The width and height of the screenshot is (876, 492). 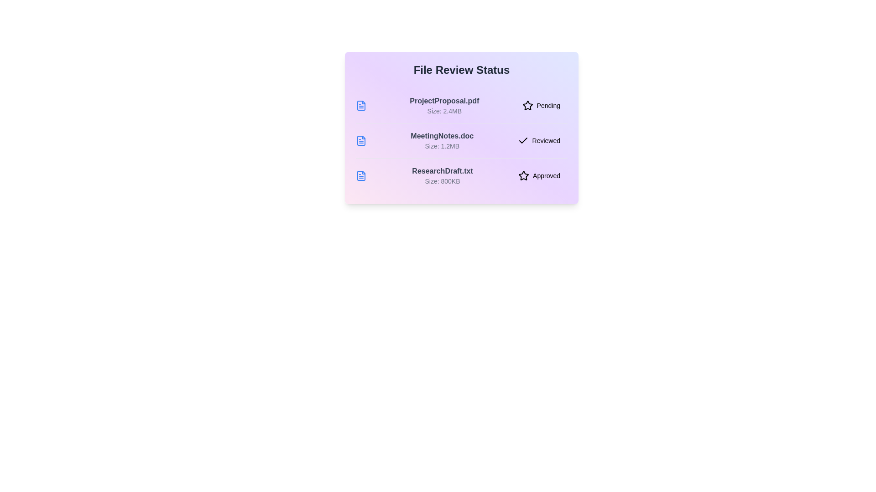 What do you see at coordinates (541, 105) in the screenshot?
I see `the status indicator of the file ProjectProposal.pdf to view its status` at bounding box center [541, 105].